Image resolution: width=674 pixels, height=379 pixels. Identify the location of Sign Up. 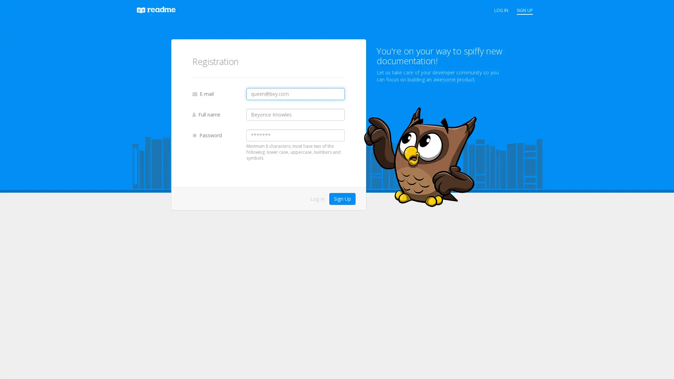
(342, 199).